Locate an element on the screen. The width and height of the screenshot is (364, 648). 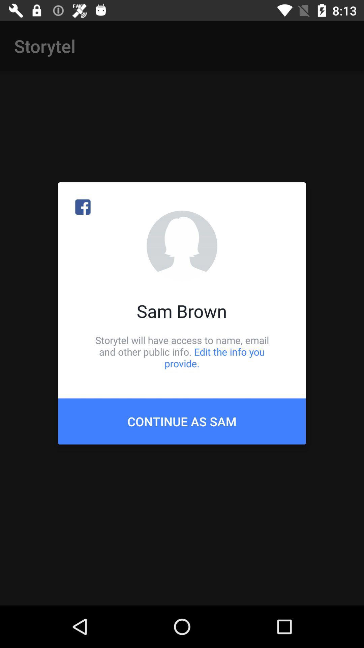
icon above the continue as sam item is located at coordinates (182, 351).